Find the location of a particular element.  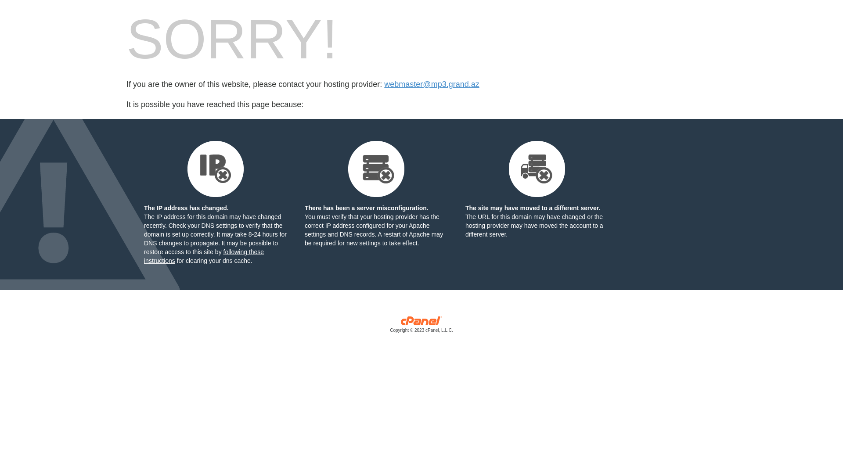

'webmaster@mp3.grand.az' is located at coordinates (432, 84).